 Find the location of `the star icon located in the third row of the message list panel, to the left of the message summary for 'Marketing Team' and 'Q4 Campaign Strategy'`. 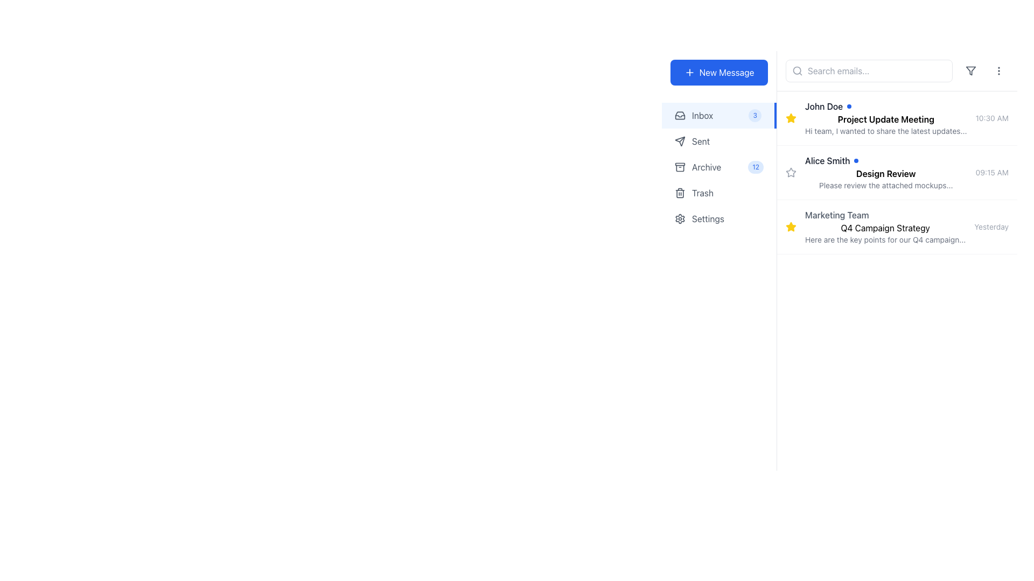

the star icon located in the third row of the message list panel, to the left of the message summary for 'Marketing Team' and 'Q4 Campaign Strategy' is located at coordinates (791, 226).